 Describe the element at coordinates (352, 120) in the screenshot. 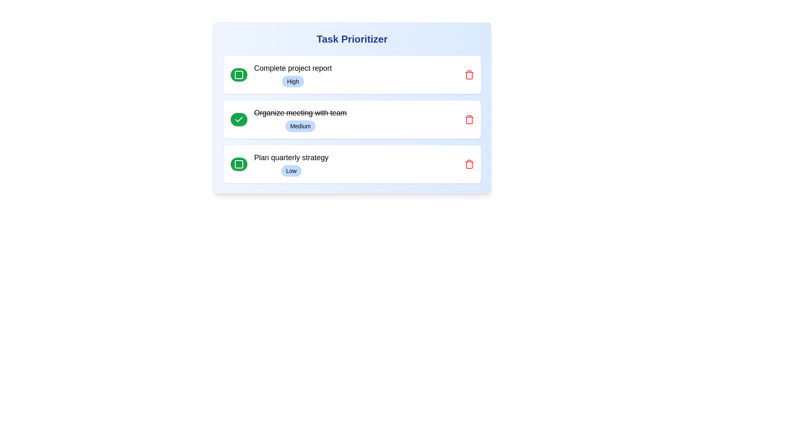

I see `the priority badge labeled 'Medium' on the completed task 'Organize meeting with team' to sort or filter tasks` at that location.